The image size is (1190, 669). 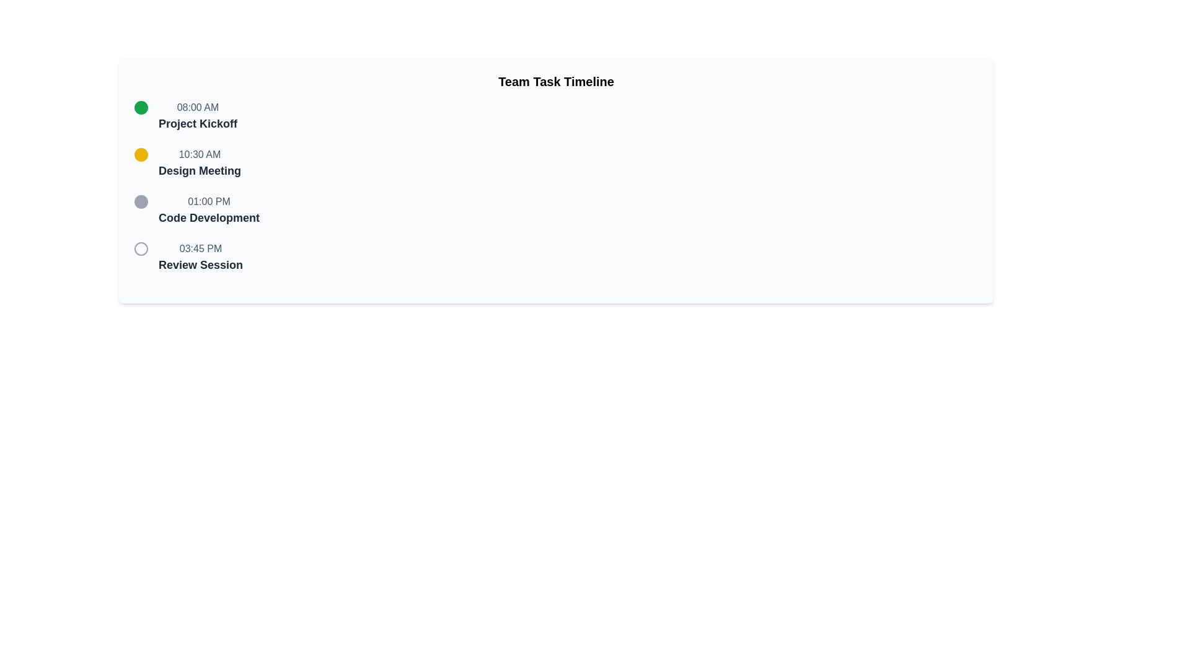 What do you see at coordinates (200, 154) in the screenshot?
I see `the static text element that indicates the scheduled time for the corresponding event, located to the left of 'Design Meeting' and slightly below the event icon` at bounding box center [200, 154].